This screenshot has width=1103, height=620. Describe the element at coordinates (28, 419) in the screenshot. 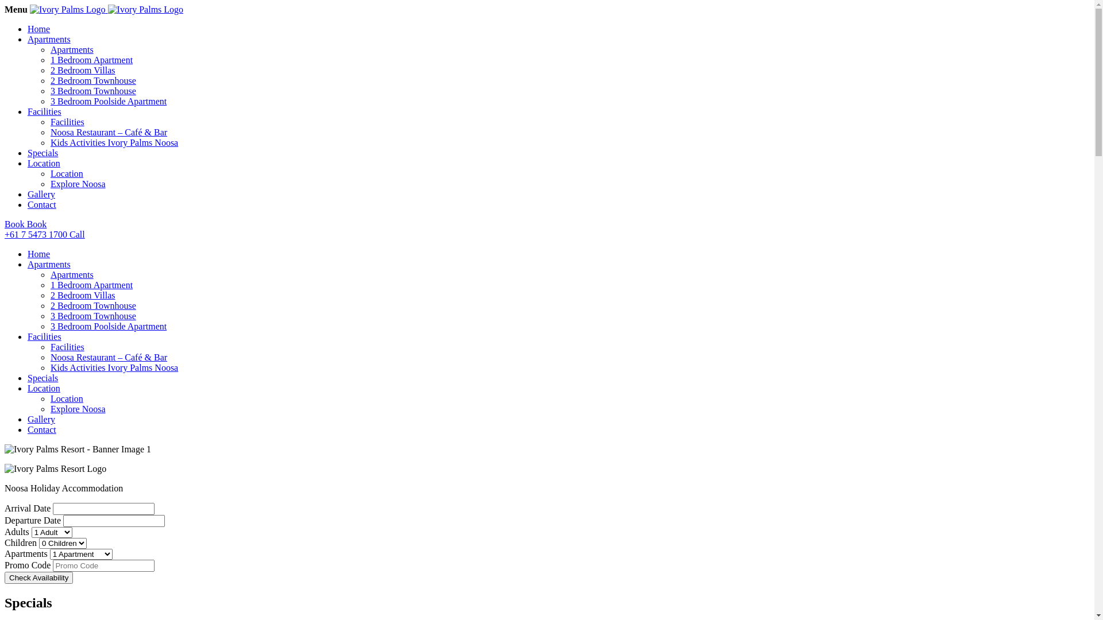

I see `'Gallery'` at that location.